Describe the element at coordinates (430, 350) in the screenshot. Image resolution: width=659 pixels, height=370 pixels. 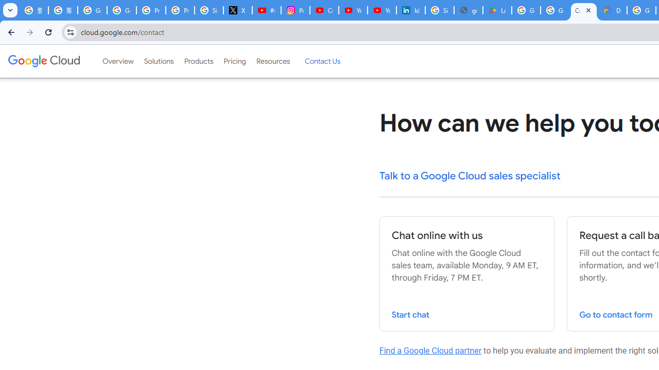
I see `'Find a Google Cloud partner'` at that location.